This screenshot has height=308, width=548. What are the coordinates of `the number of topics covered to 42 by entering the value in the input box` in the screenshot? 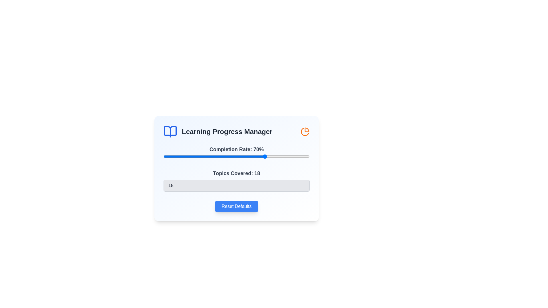 It's located at (237, 186).